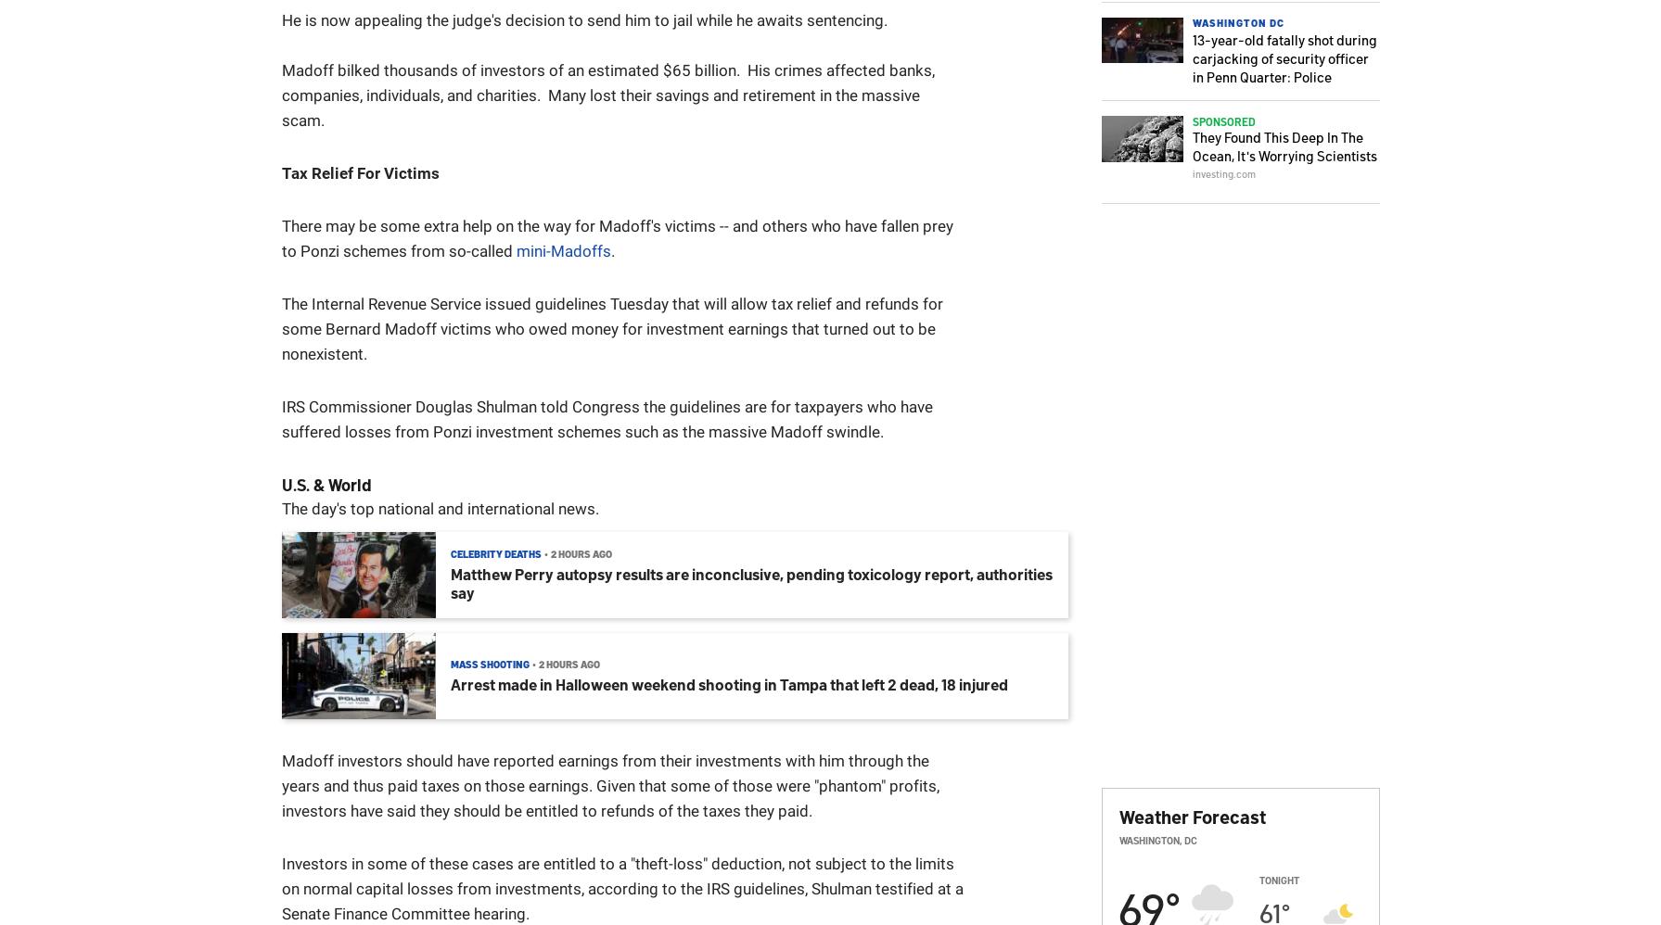 The image size is (1661, 925). Describe the element at coordinates (1236, 21) in the screenshot. I see `'Washington DC'` at that location.